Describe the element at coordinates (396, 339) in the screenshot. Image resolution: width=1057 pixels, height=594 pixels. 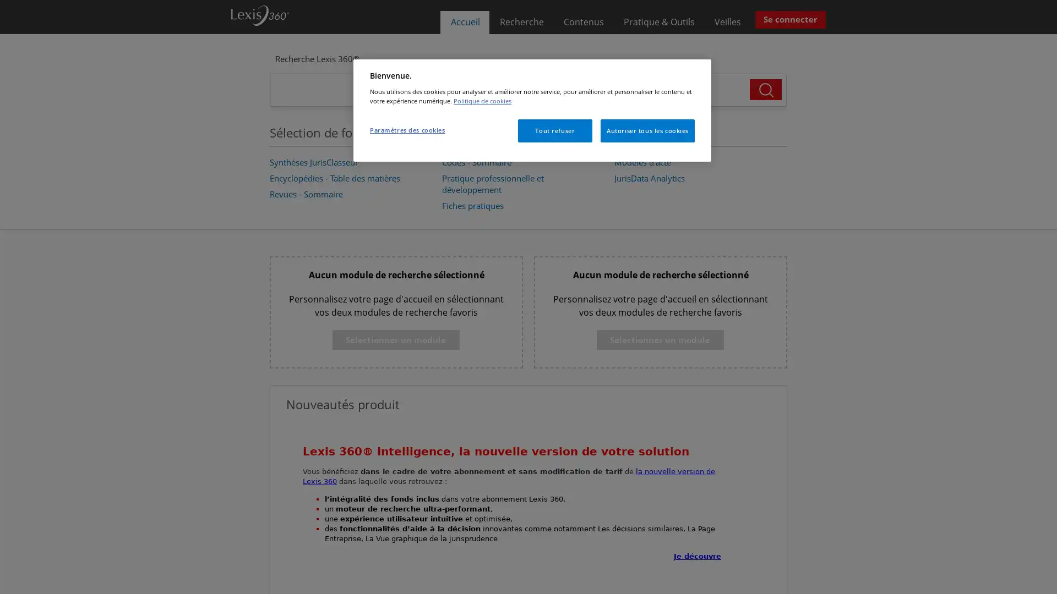
I see `Selectionner un module` at that location.